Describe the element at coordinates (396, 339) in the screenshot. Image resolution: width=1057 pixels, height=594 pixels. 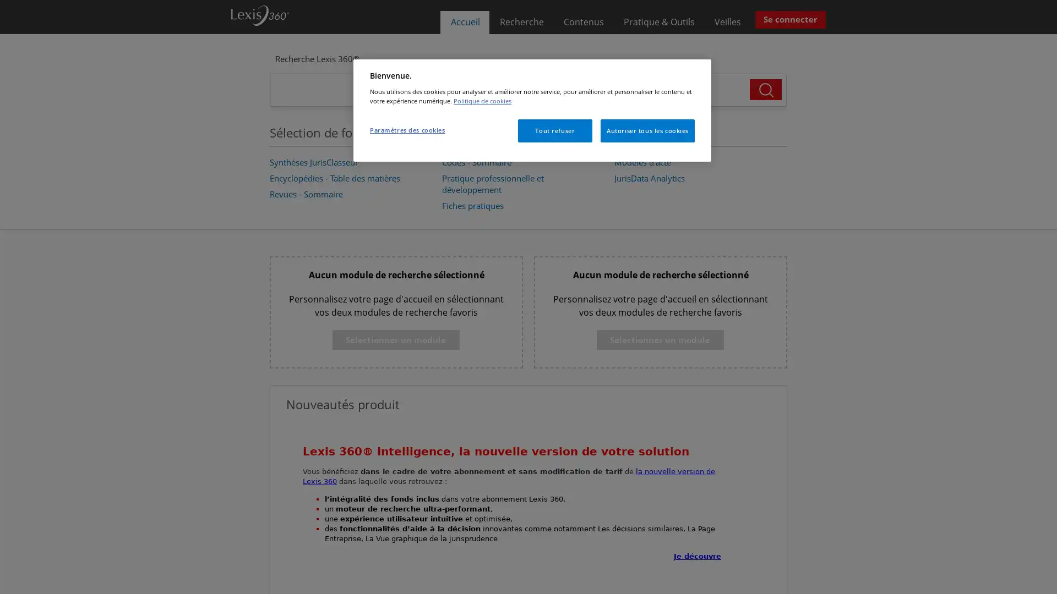
I see `Selectionner un module` at that location.